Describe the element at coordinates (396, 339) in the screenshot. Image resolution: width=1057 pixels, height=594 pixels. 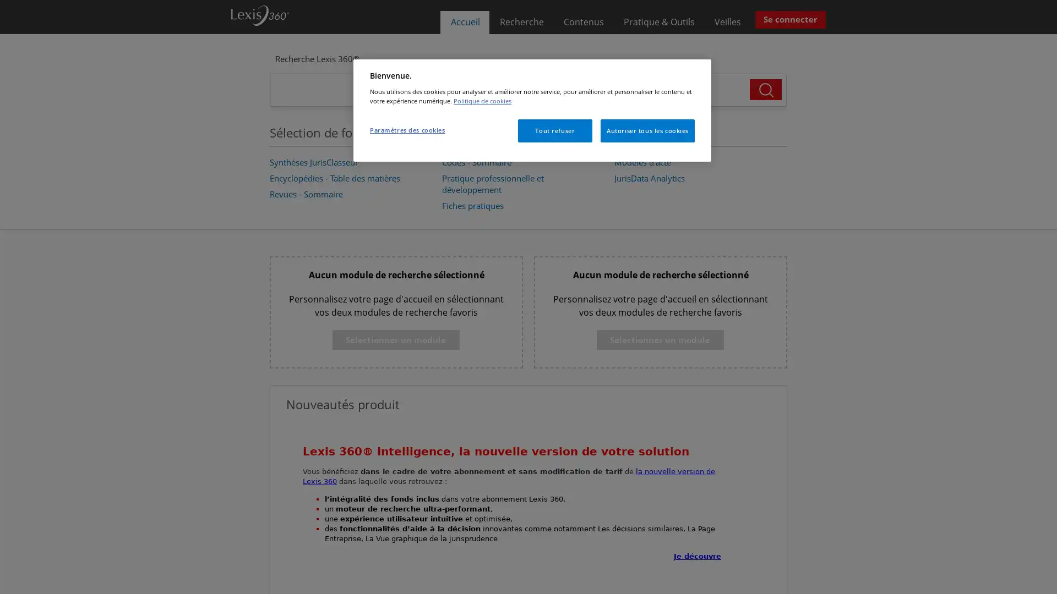
I see `Selectionner un module` at that location.